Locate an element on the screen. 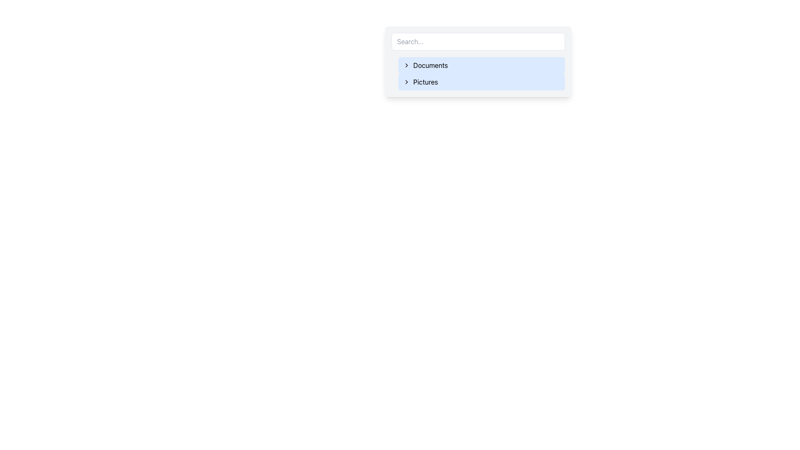  the navigational icon located to the left of the 'Documents' label, which has a blue background and rounded corners is located at coordinates (406, 65).